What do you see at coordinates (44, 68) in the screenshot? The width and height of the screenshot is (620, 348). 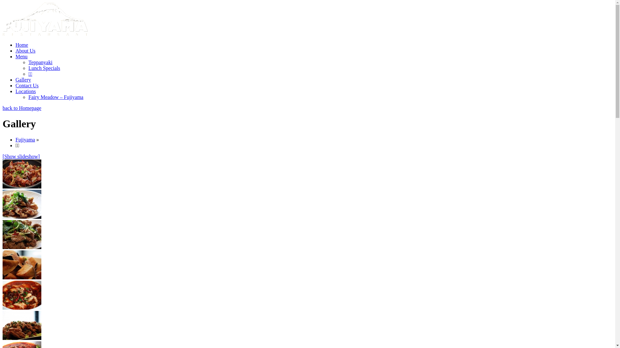 I see `'Lunch Specials'` at bounding box center [44, 68].